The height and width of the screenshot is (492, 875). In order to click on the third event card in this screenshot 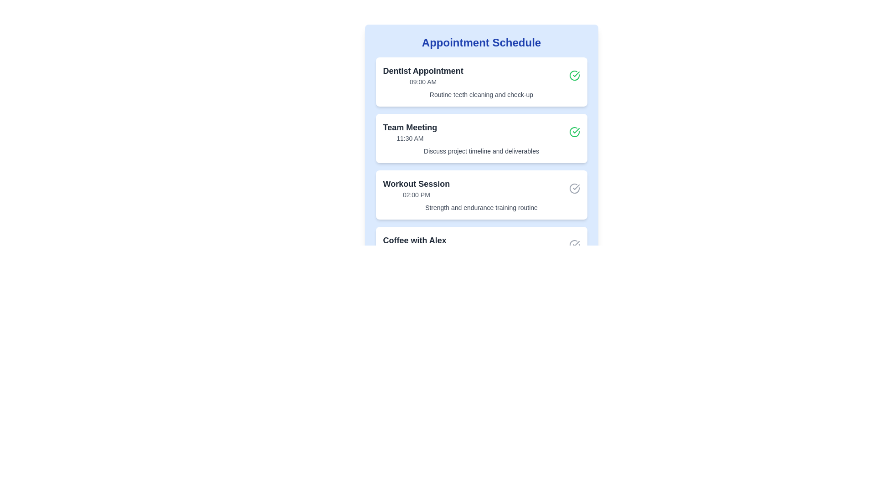, I will do `click(481, 195)`.